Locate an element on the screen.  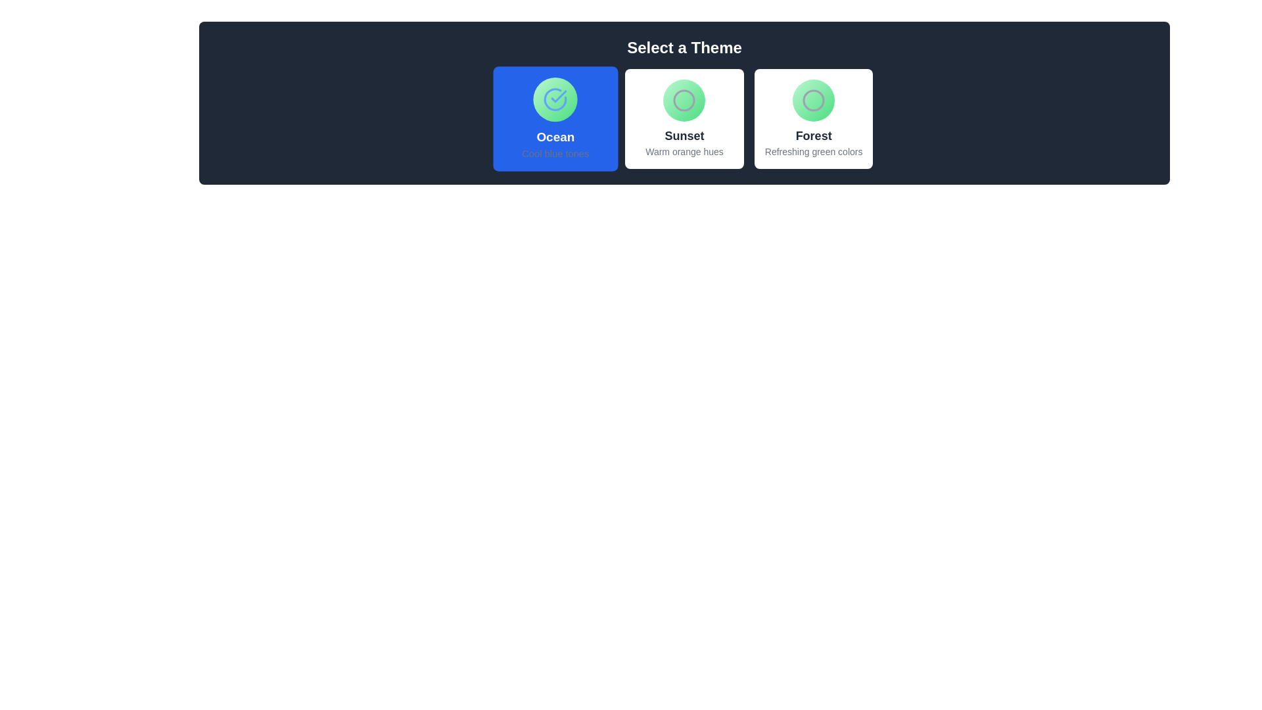
the graphical SVG checkmark icon that confirms the selection of the 'Ocean' theme, providing feedback on the chosen option is located at coordinates (559, 95).